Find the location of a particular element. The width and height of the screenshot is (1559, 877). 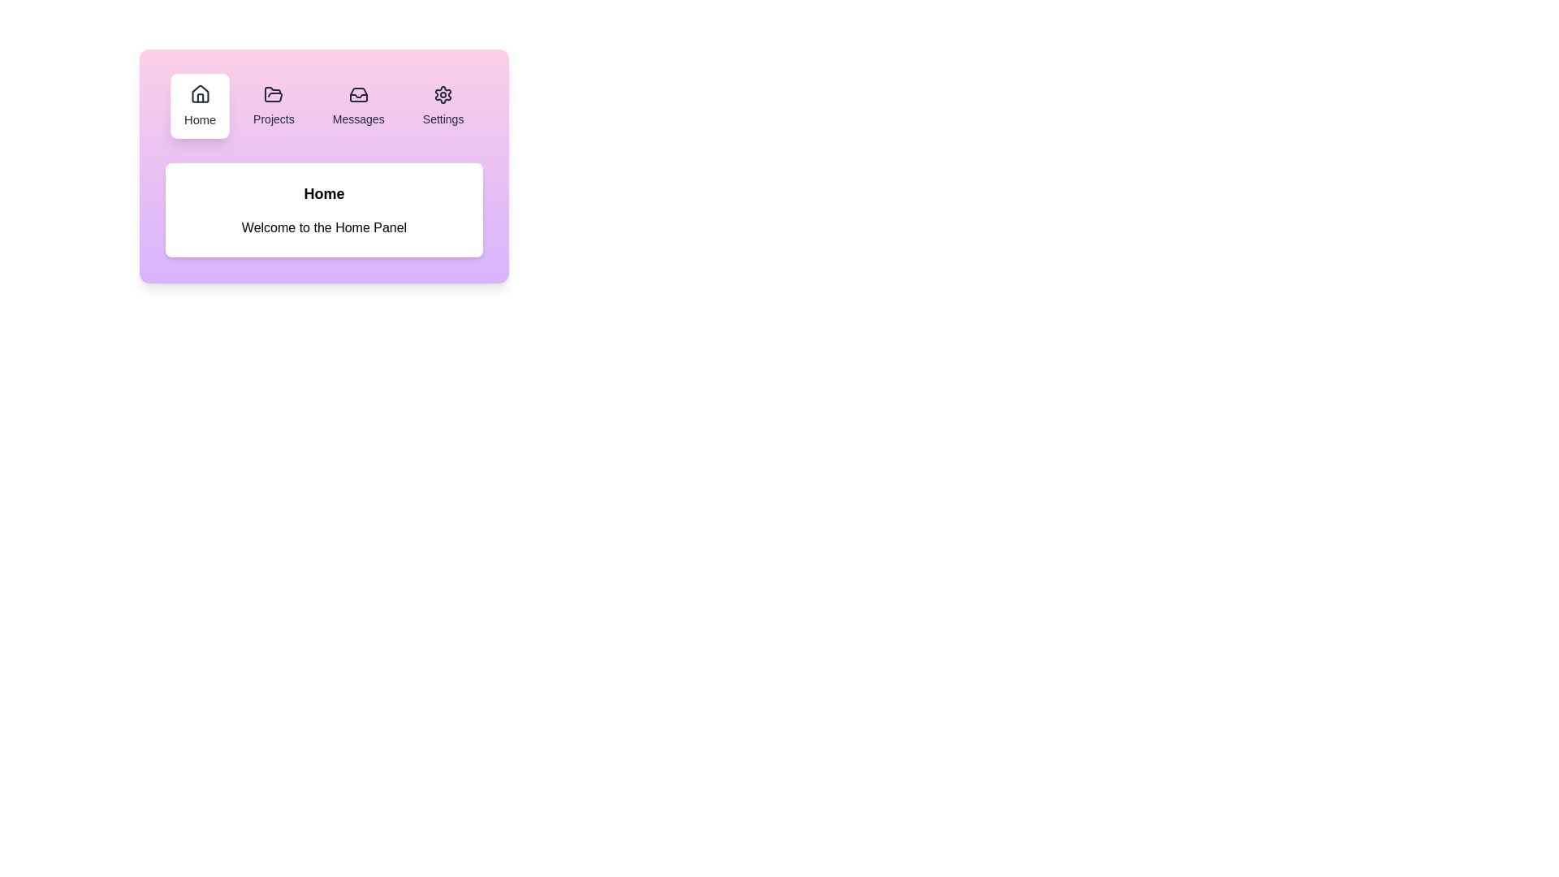

the inbox icon located within the 'Messages' button in the menu bar, positioned just above the text label is located at coordinates (357, 94).